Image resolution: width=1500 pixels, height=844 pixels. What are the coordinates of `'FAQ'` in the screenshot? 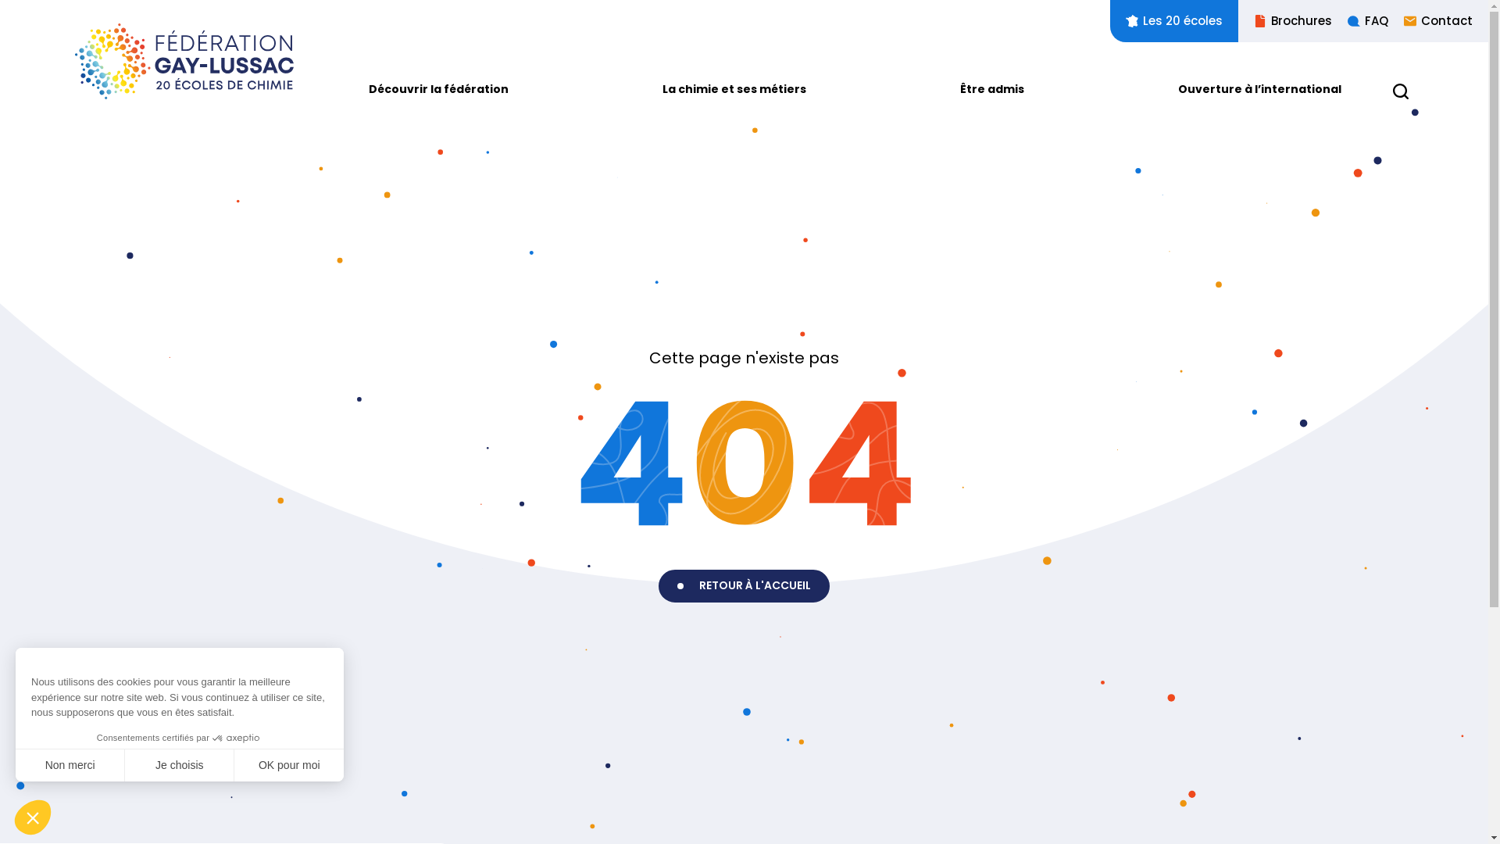 It's located at (1359, 21).